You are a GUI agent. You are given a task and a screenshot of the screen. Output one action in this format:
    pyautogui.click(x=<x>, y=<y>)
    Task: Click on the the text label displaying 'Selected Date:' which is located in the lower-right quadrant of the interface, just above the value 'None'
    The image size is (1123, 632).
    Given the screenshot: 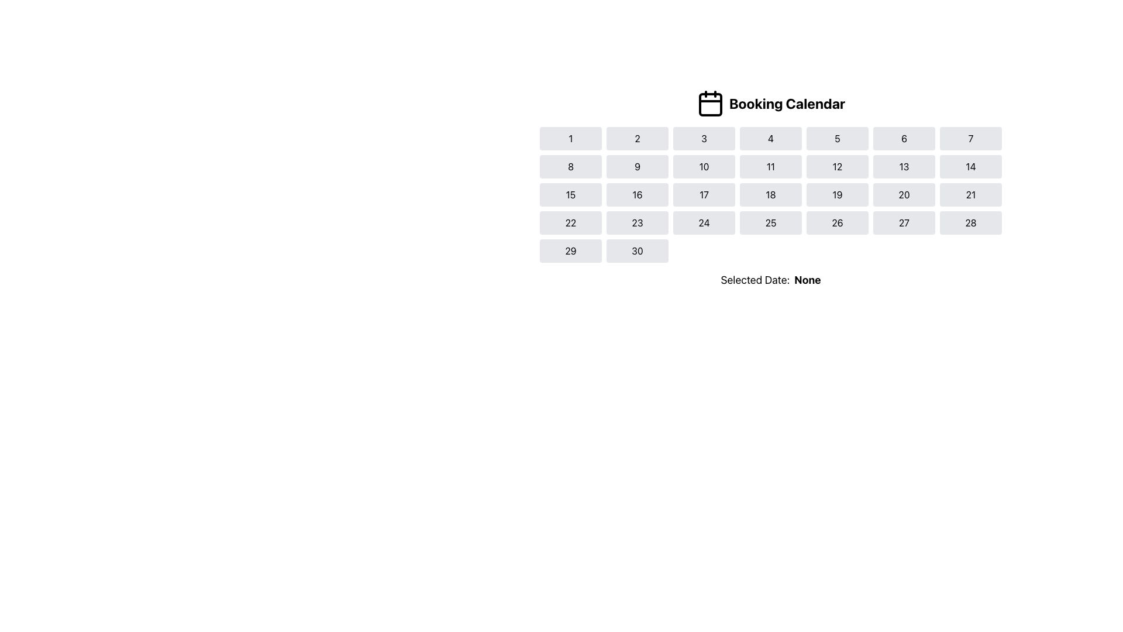 What is the action you would take?
    pyautogui.click(x=755, y=280)
    